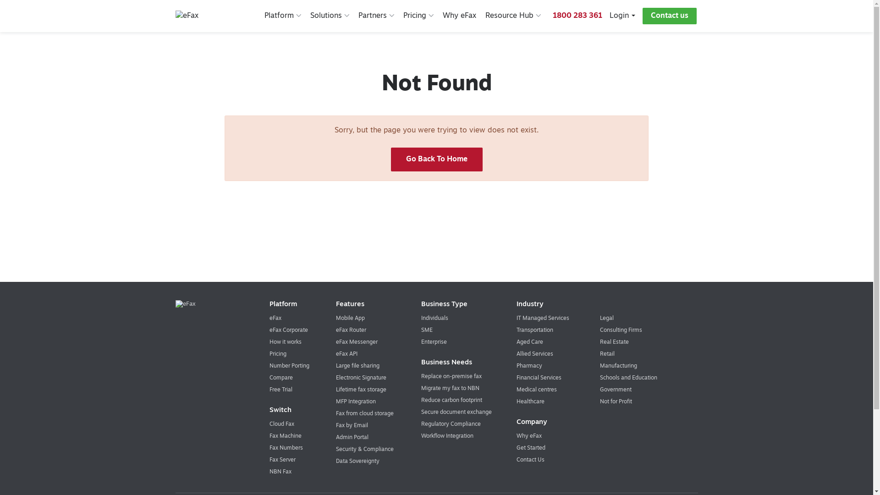  I want to click on 'Number Porting', so click(289, 365).